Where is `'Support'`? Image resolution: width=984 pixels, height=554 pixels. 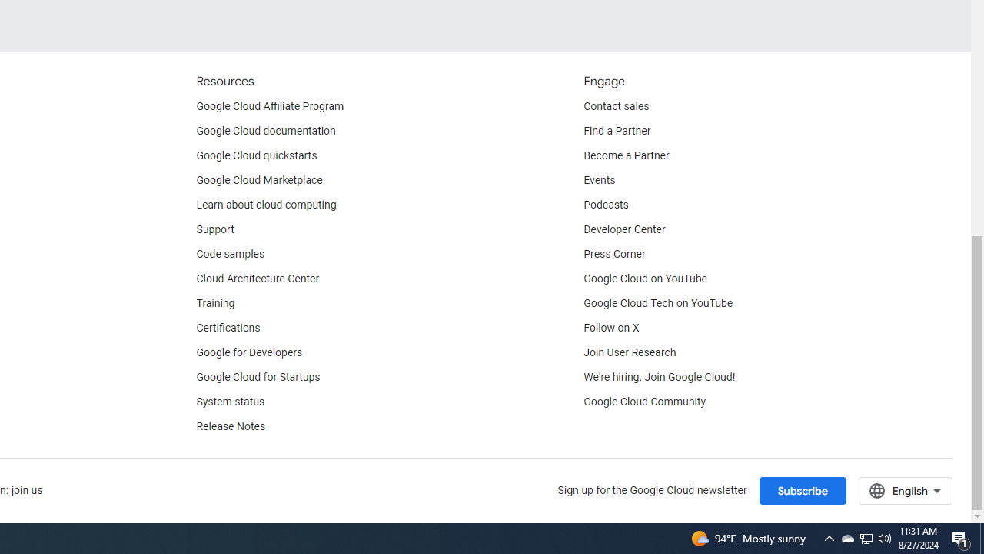
'Support' is located at coordinates (214, 230).